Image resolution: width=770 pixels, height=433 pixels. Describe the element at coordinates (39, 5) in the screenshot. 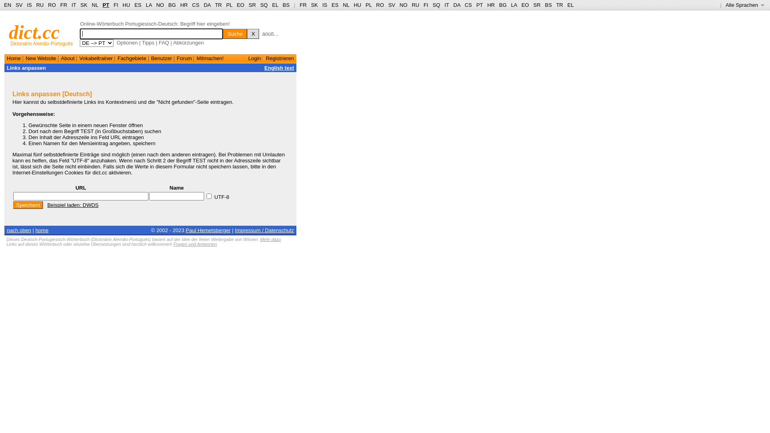

I see `'RU'` at that location.